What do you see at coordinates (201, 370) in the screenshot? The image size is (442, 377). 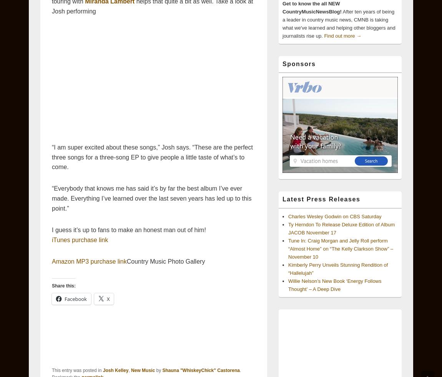 I see `'Shauna "WhiskeyChick" Castorena'` at bounding box center [201, 370].